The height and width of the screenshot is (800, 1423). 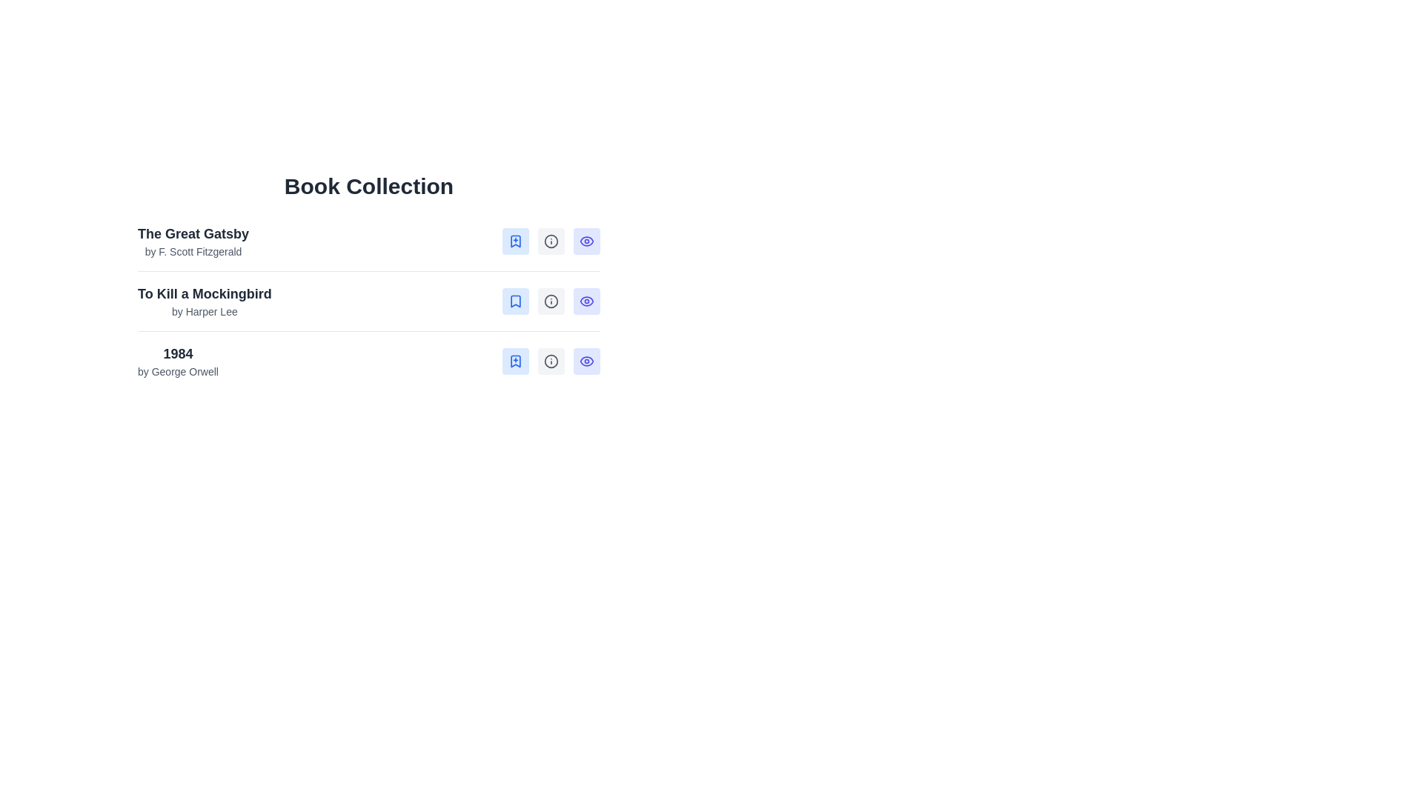 I want to click on the static text heading that introduces the book collection, located at the top-center of the visible content, so click(x=369, y=185).